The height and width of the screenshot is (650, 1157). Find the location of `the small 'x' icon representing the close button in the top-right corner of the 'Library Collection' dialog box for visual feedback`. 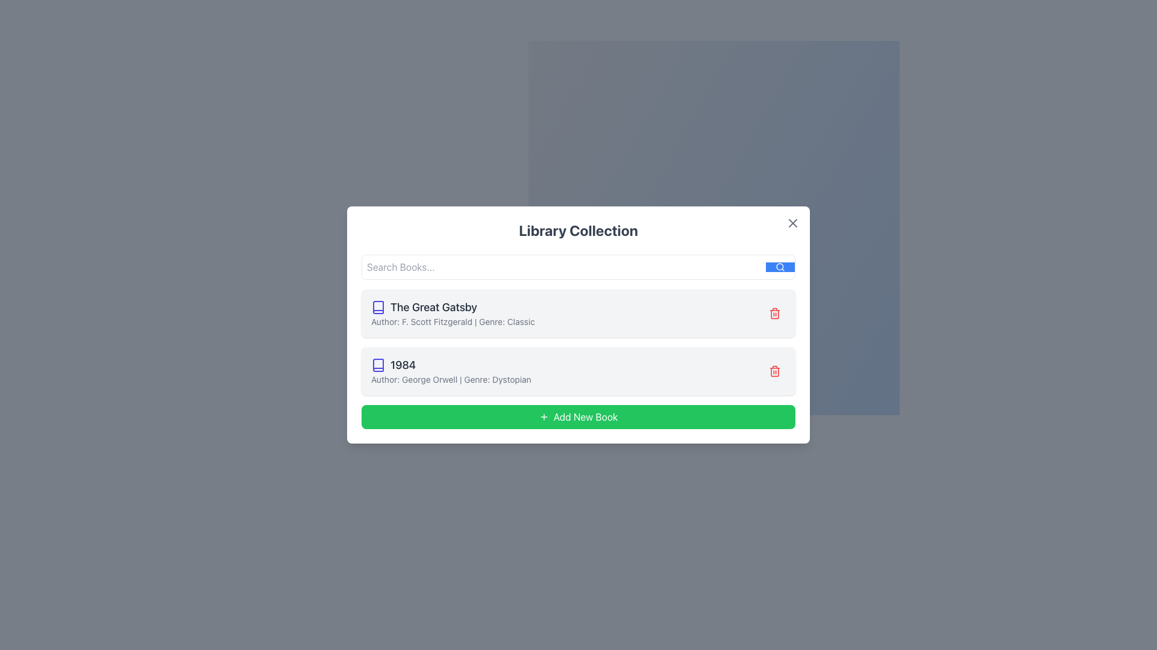

the small 'x' icon representing the close button in the top-right corner of the 'Library Collection' dialog box for visual feedback is located at coordinates (792, 223).